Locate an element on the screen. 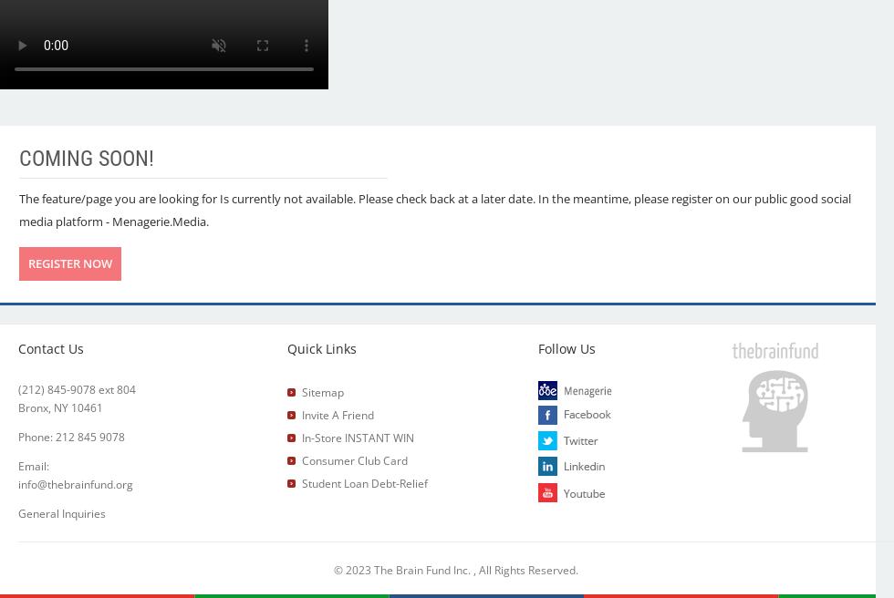 This screenshot has width=894, height=598. 'Phone: 212 845 9078' is located at coordinates (71, 437).